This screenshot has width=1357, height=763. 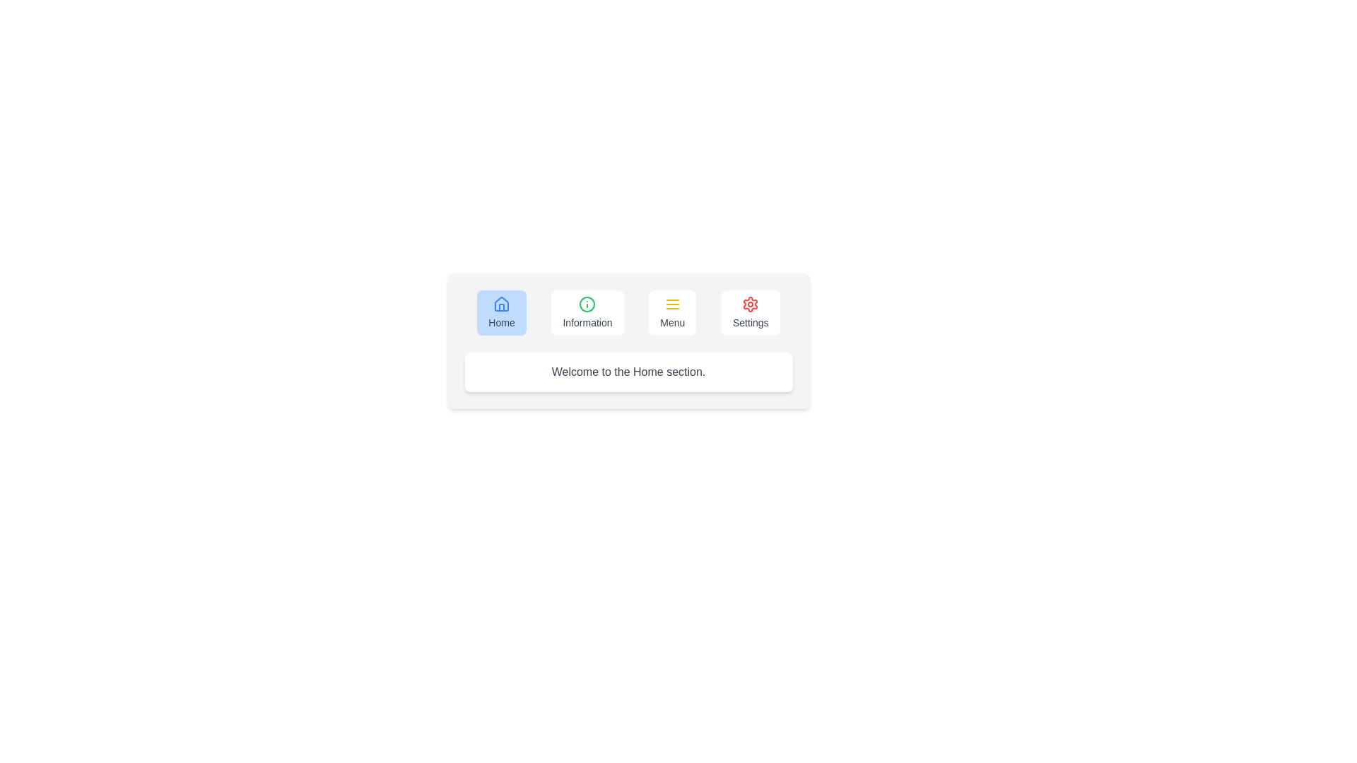 What do you see at coordinates (502, 322) in the screenshot?
I see `'Home' text label located at the bottom of the first button in the navigation menu to understand its purpose as a navigation element for accessing the home section of the application` at bounding box center [502, 322].